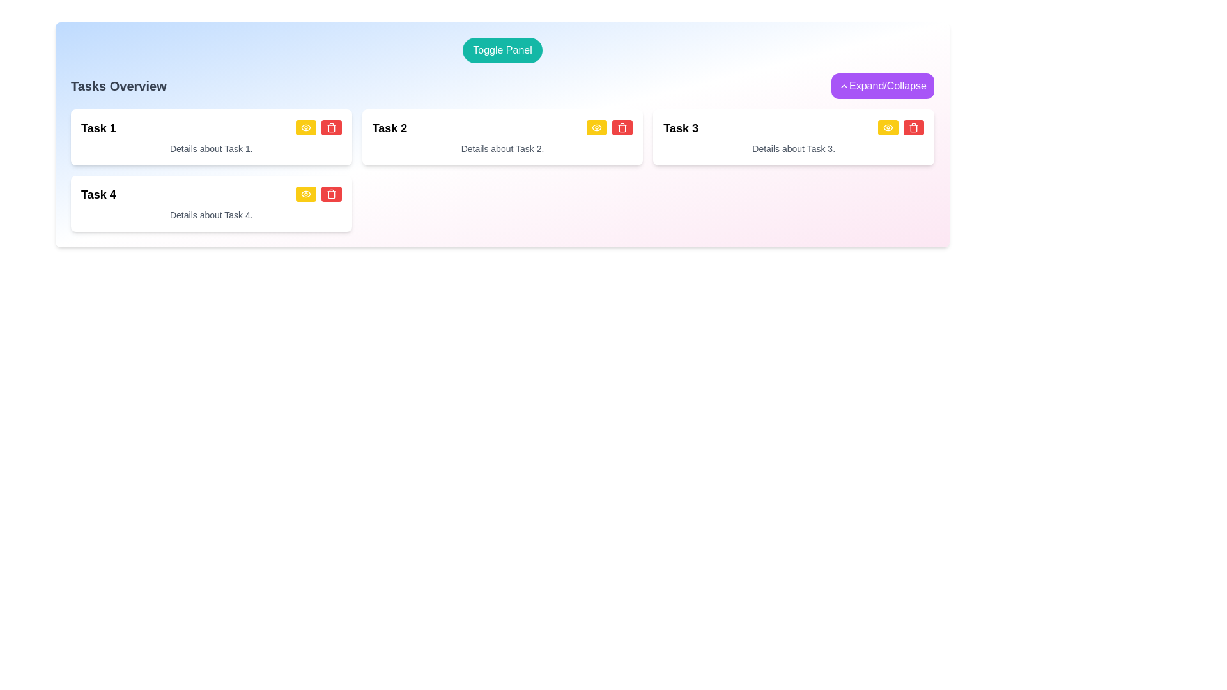  I want to click on the visibility icon located in the second task box before the red trash icon, so click(596, 127).